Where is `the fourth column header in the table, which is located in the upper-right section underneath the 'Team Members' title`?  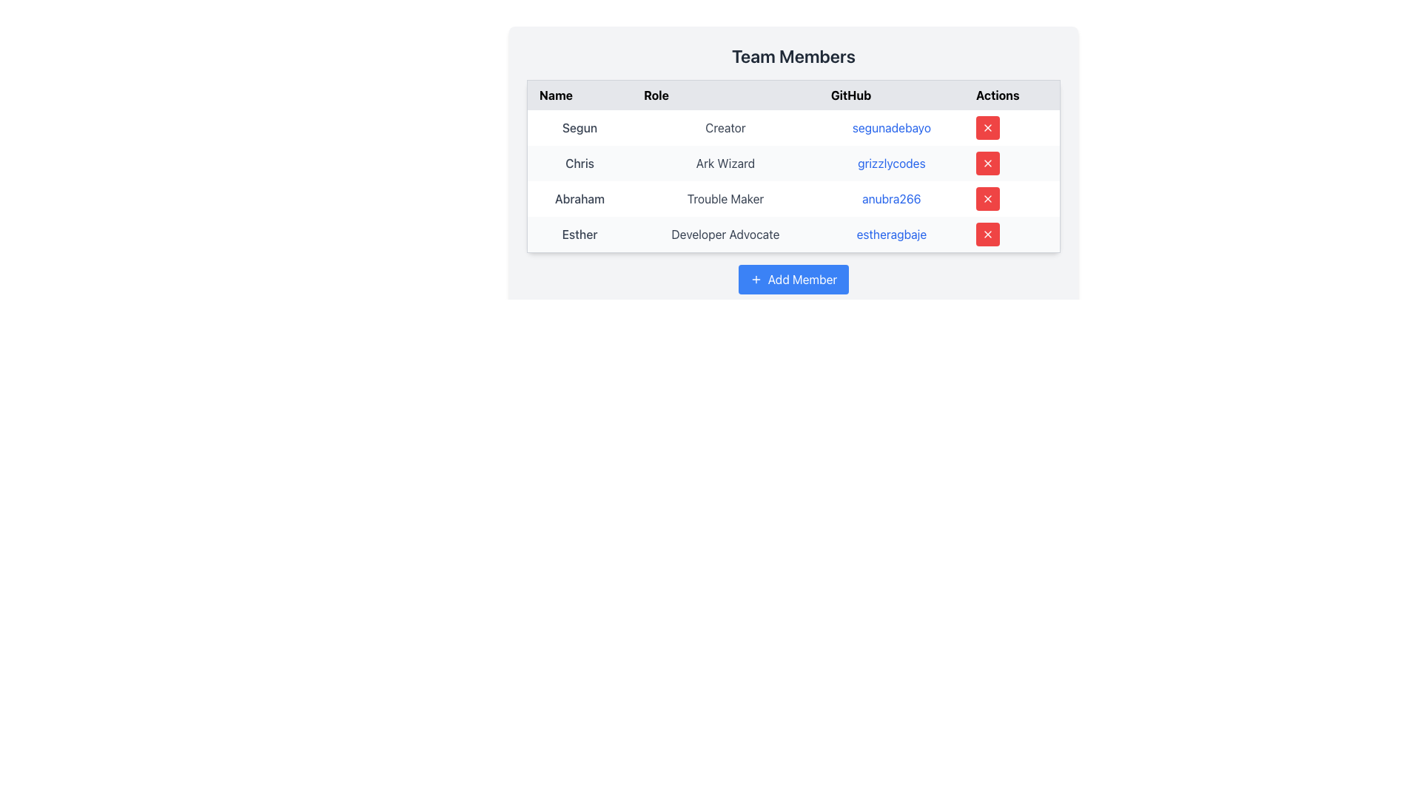 the fourth column header in the table, which is located in the upper-right section underneath the 'Team Members' title is located at coordinates (1011, 95).